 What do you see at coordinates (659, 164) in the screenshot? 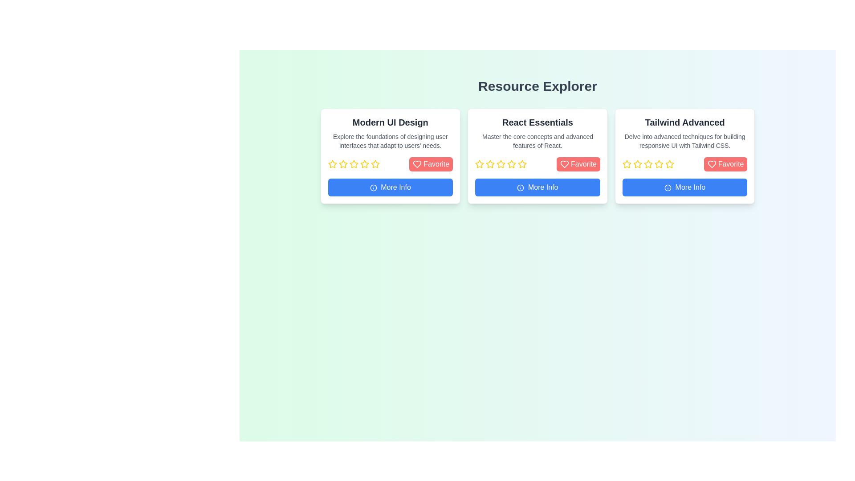
I see `the fifth star icon in the horizontal row of six stars, which is yellow and outlined, located in the 'Tailwind Advanced' section` at bounding box center [659, 164].